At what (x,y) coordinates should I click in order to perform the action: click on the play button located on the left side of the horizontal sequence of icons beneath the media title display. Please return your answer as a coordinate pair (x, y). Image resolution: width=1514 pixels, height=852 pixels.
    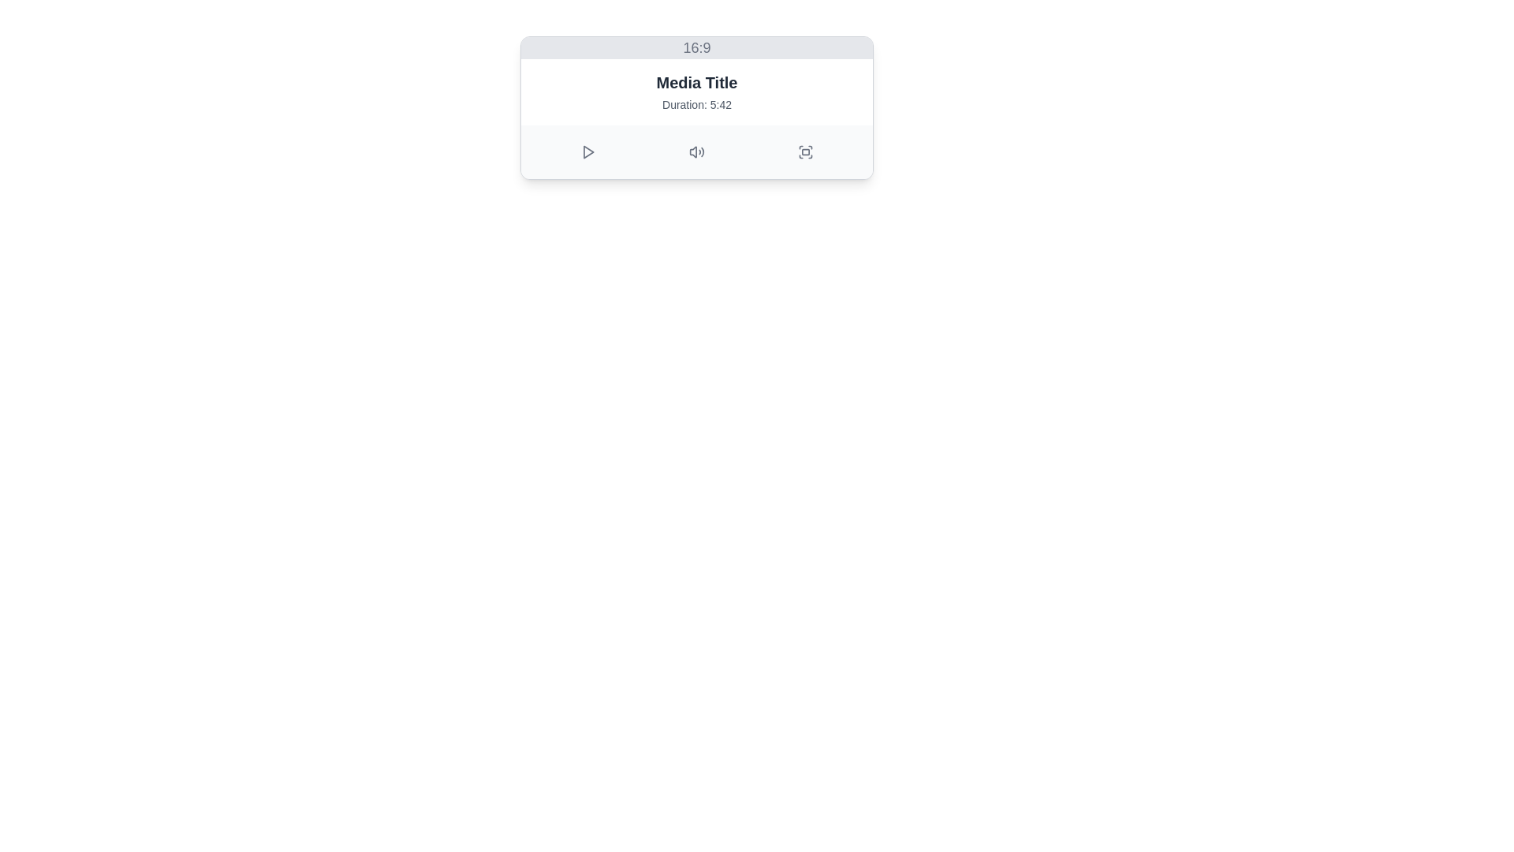
    Looking at the image, I should click on (587, 151).